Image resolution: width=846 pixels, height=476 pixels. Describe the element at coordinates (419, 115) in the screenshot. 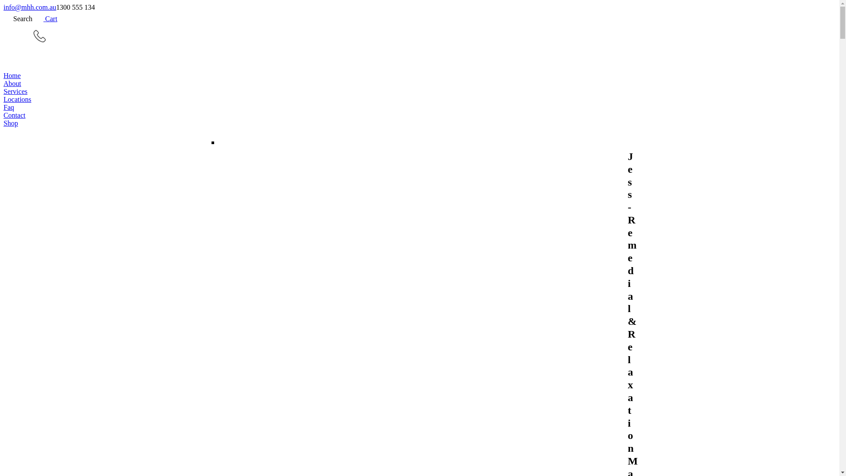

I see `'Contact'` at that location.